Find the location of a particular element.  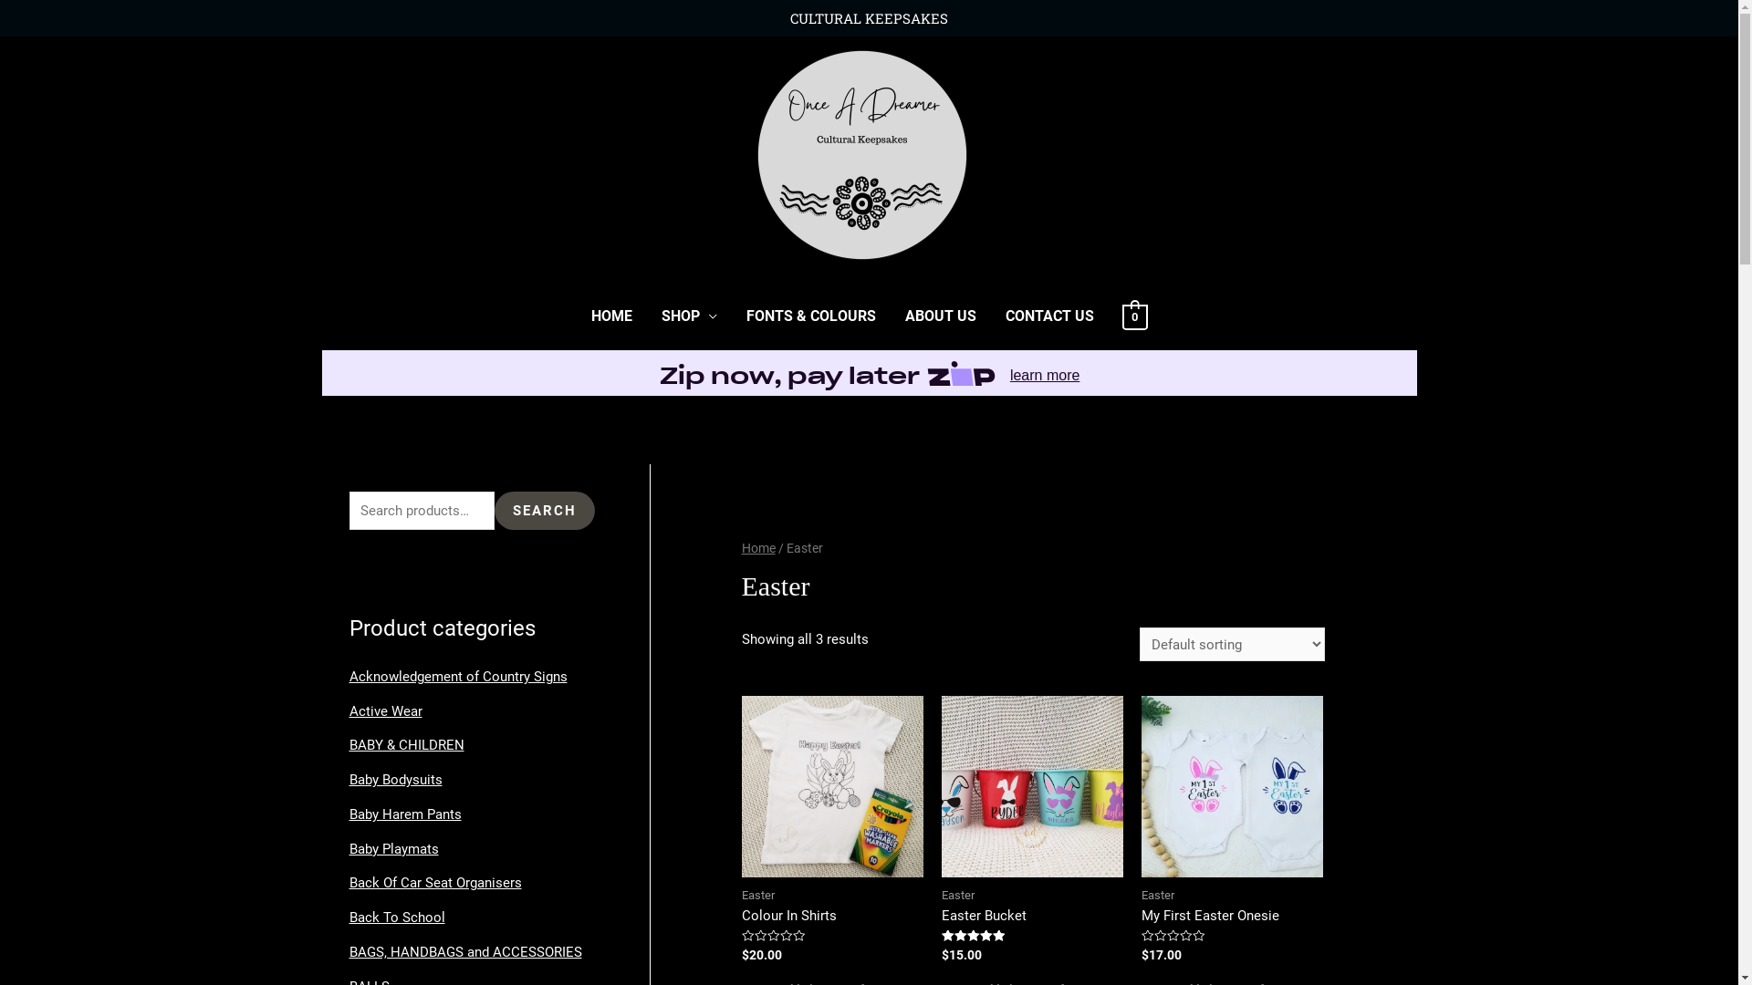

'BABY & CHILDREN' is located at coordinates (405, 745).